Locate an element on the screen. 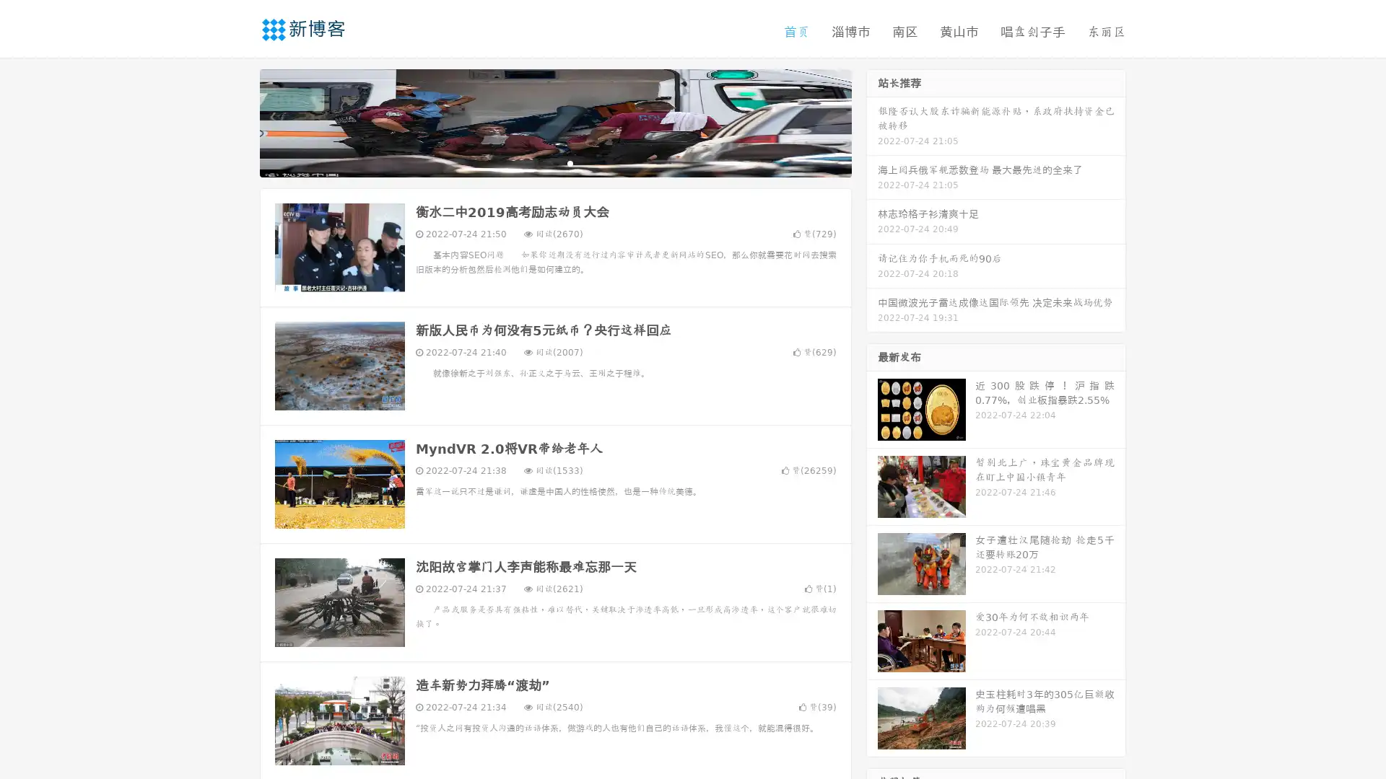 The height and width of the screenshot is (779, 1386). Go to slide 2 is located at coordinates (554, 162).